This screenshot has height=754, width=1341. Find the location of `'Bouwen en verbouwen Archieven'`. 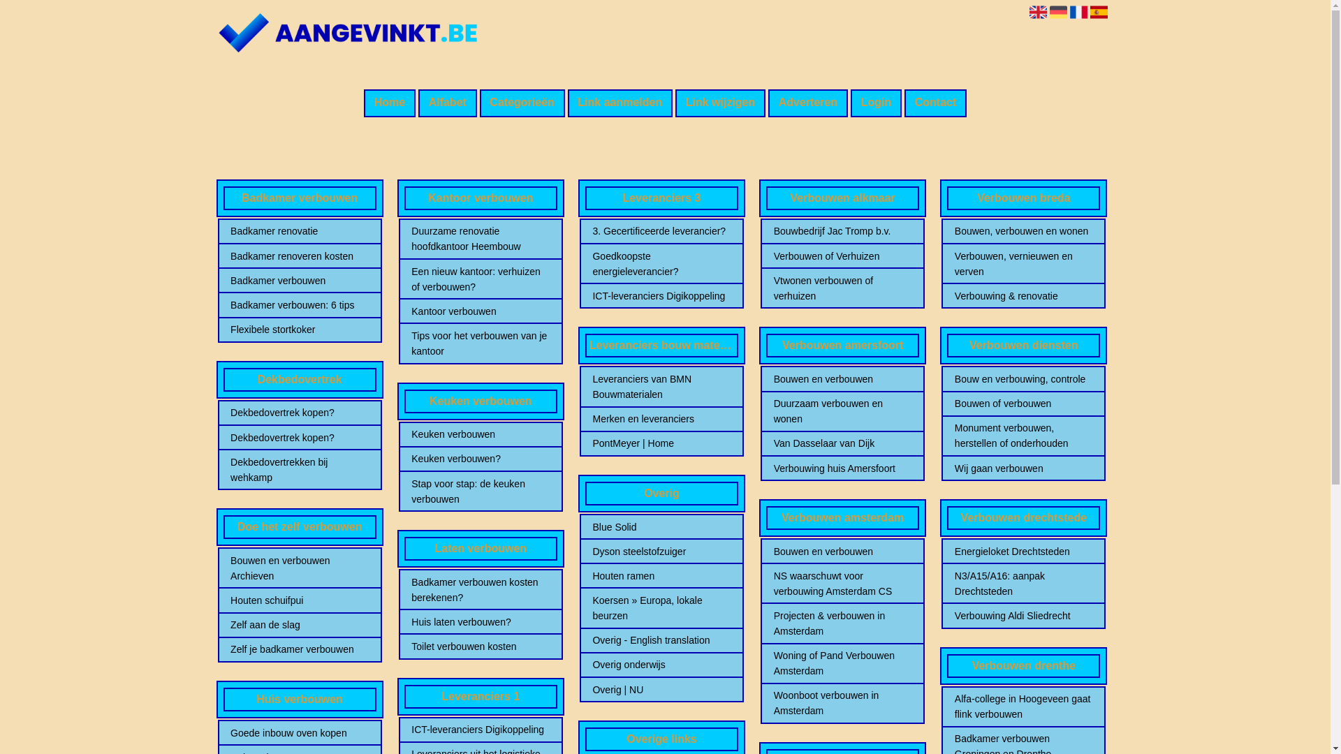

'Bouwen en verbouwen Archieven' is located at coordinates (298, 568).